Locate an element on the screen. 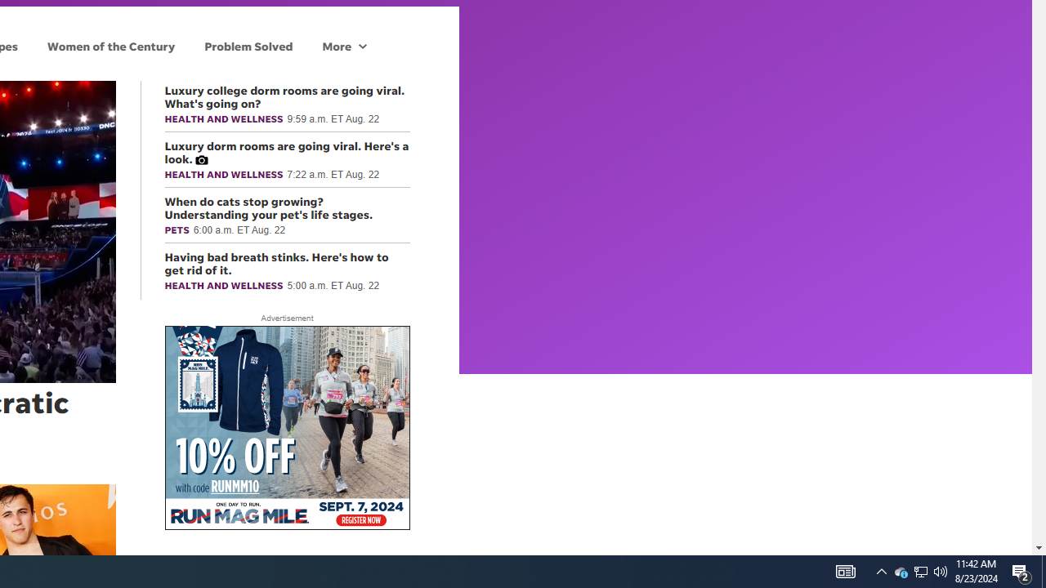 This screenshot has height=588, width=1046. 'Show desktop' is located at coordinates (1043, 570).